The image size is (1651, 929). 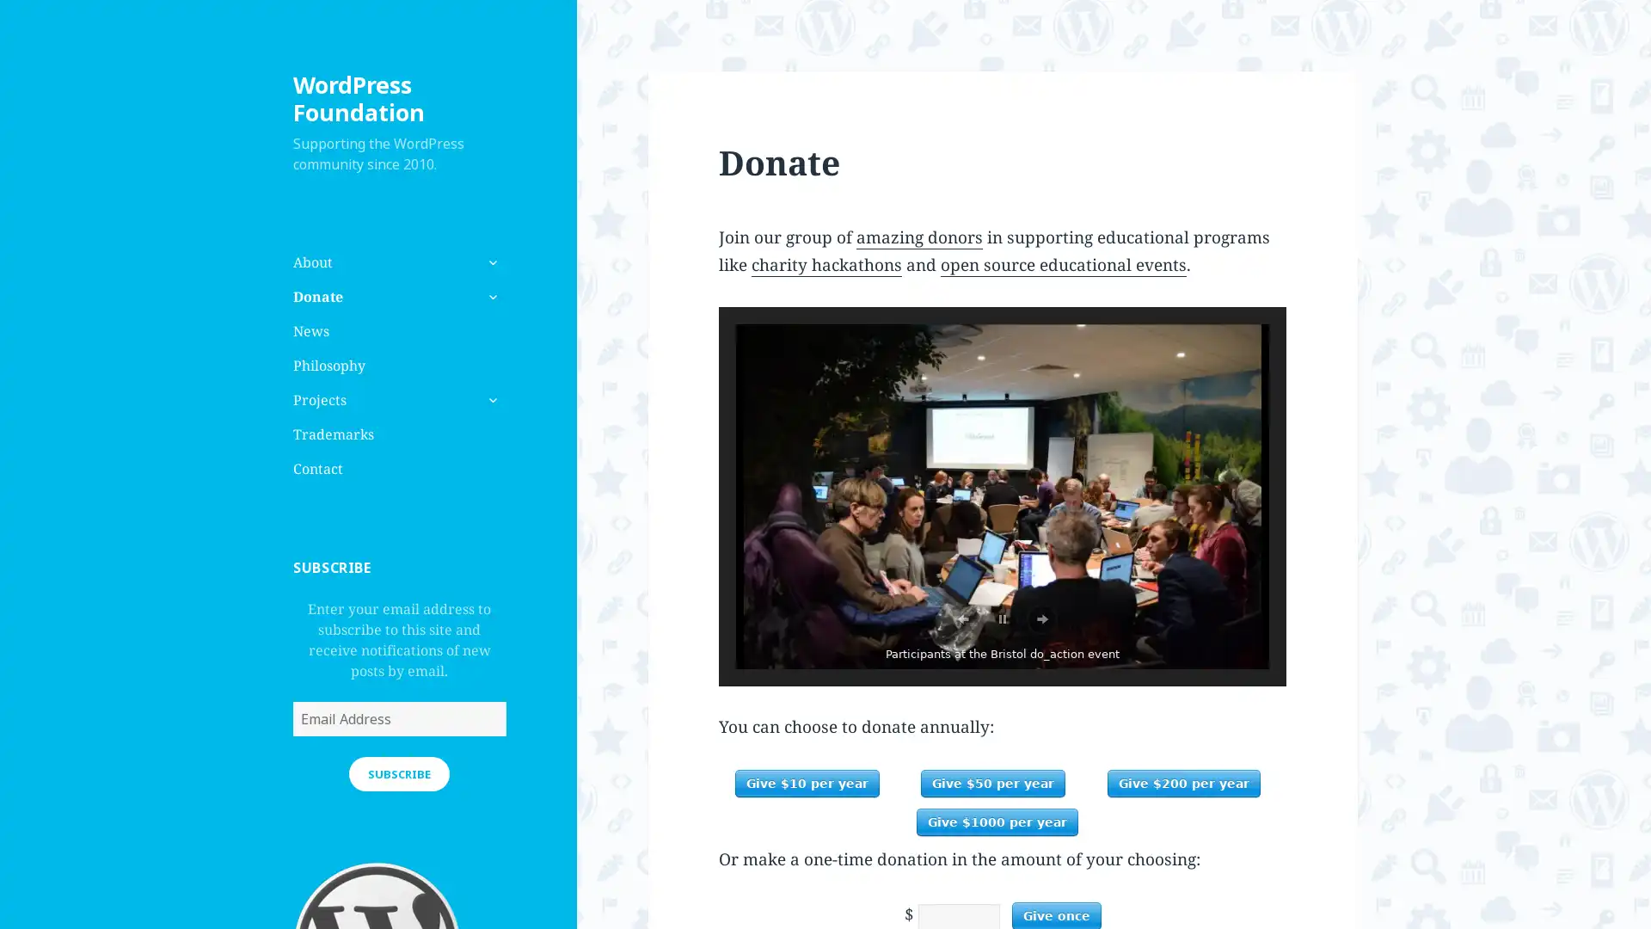 What do you see at coordinates (1040, 619) in the screenshot?
I see `Next Slide` at bounding box center [1040, 619].